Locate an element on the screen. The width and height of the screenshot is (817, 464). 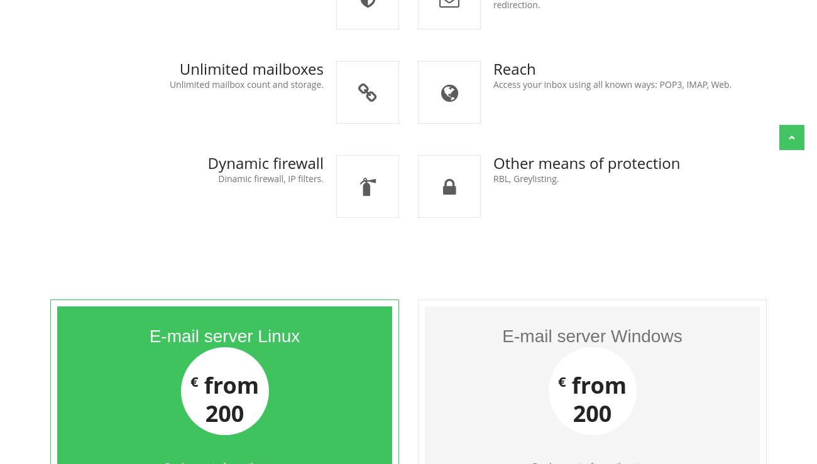
'Unlimited mailboxes' is located at coordinates (251, 68).